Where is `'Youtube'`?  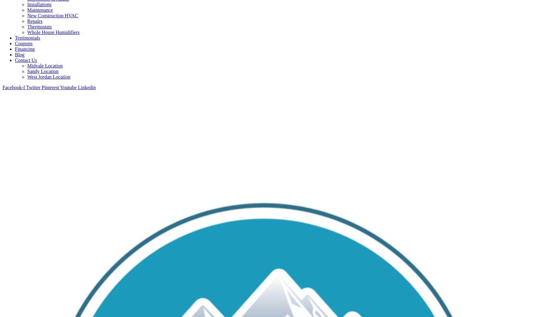 'Youtube' is located at coordinates (68, 87).